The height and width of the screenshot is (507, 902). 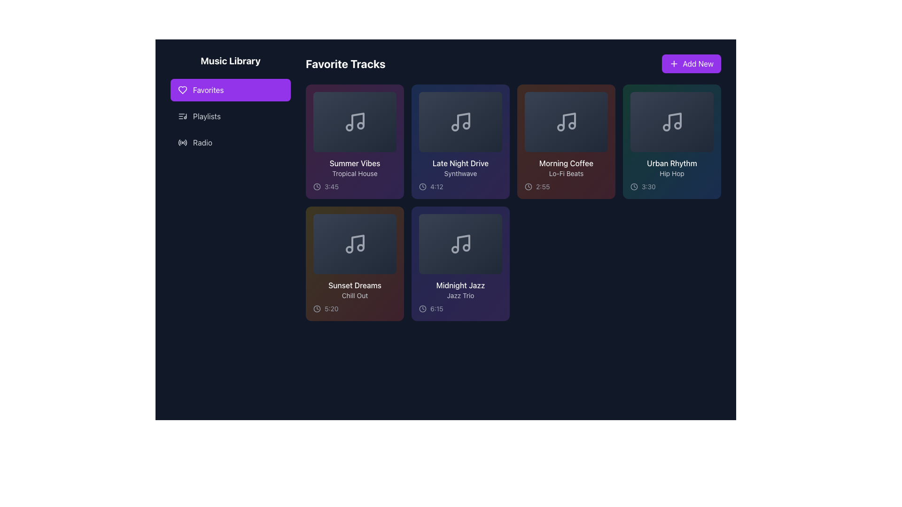 What do you see at coordinates (671, 121) in the screenshot?
I see `the music track icon within the 'Urban Rhythm' card, which visually represents a music file` at bounding box center [671, 121].